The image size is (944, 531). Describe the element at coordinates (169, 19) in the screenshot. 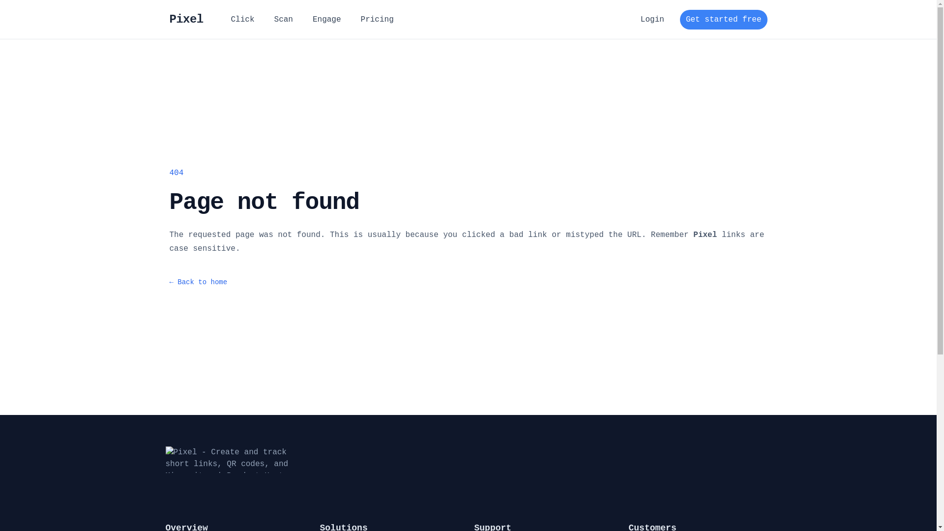

I see `'Pixel'` at that location.